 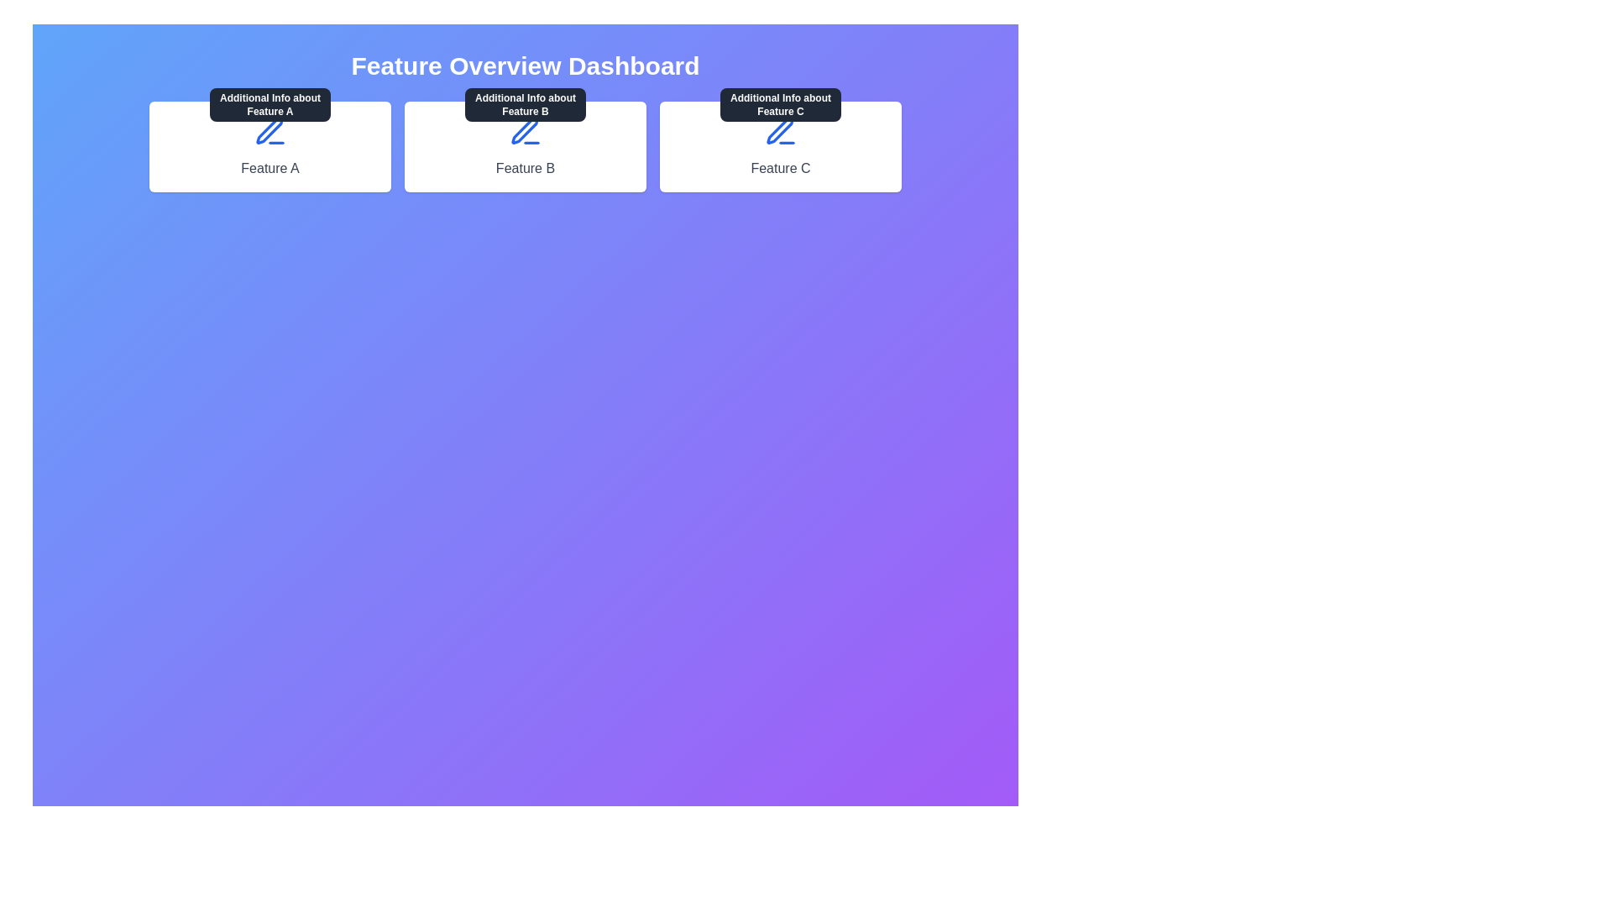 What do you see at coordinates (780, 145) in the screenshot?
I see `the Informational card for 'Feature C', which is the third card in a three-column grid layout` at bounding box center [780, 145].